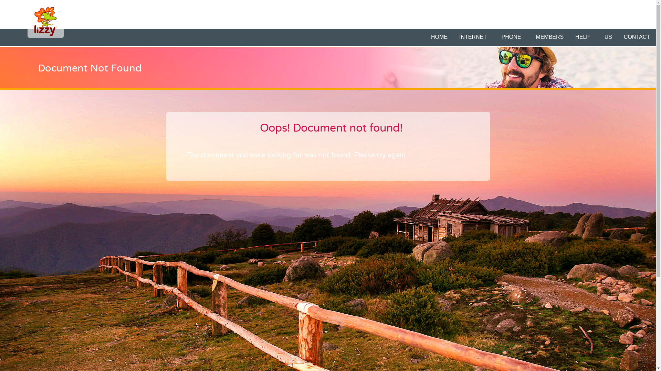 This screenshot has height=371, width=661. Describe the element at coordinates (513, 37) in the screenshot. I see `'PHONE  '` at that location.